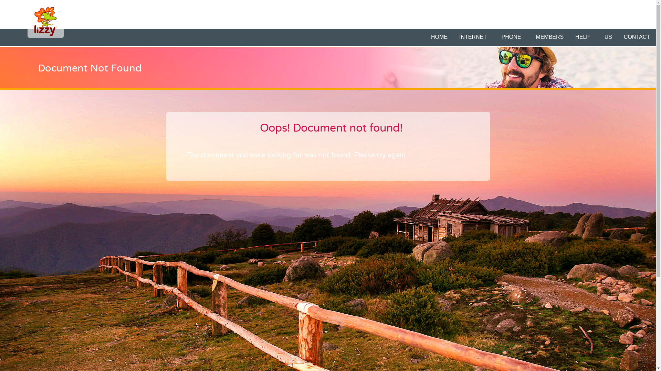 This screenshot has height=371, width=661. Describe the element at coordinates (513, 37) in the screenshot. I see `'PHONE  '` at that location.